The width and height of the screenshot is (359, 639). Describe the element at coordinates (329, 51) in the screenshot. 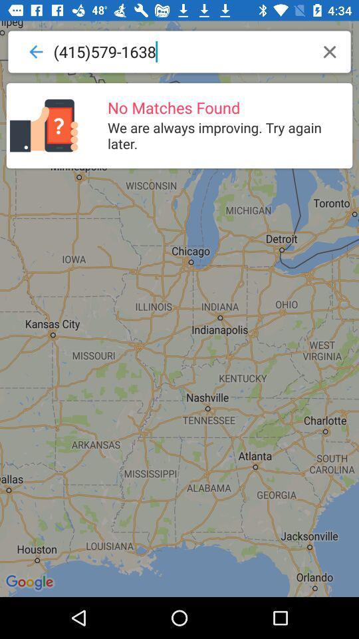

I see `the item next to the (415)579-1638 item` at that location.